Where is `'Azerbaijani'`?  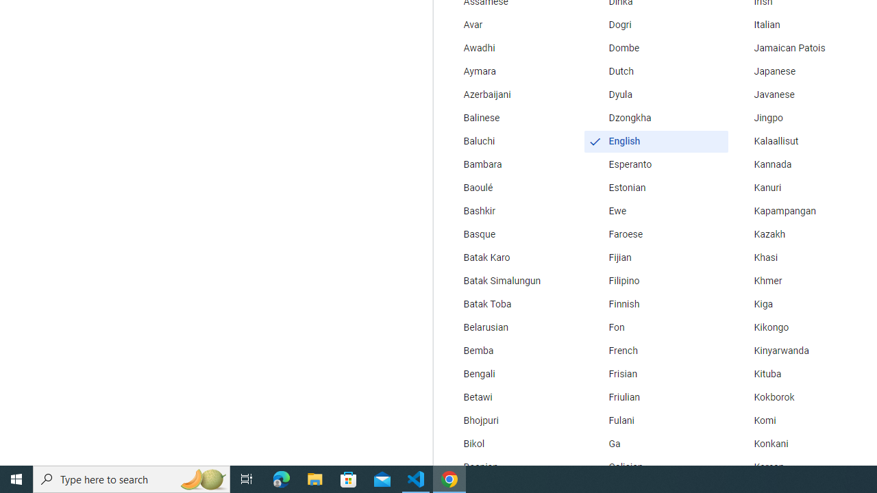
'Azerbaijani' is located at coordinates (510, 94).